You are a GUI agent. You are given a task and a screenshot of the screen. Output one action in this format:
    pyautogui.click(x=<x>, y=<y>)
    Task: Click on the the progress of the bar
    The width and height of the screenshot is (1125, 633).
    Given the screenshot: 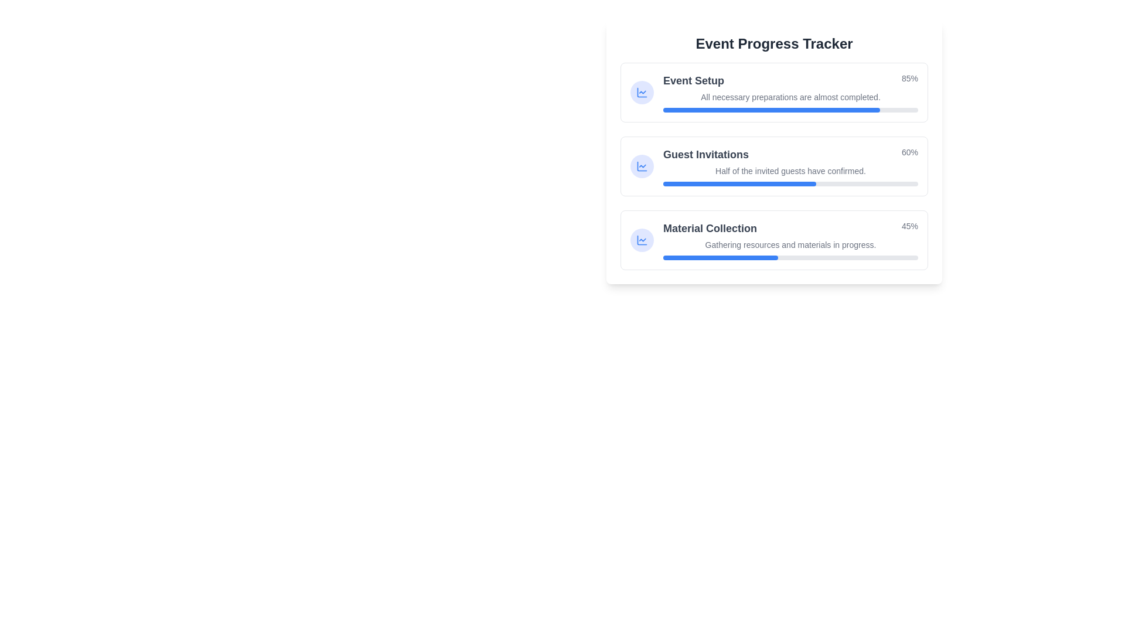 What is the action you would take?
    pyautogui.click(x=874, y=110)
    